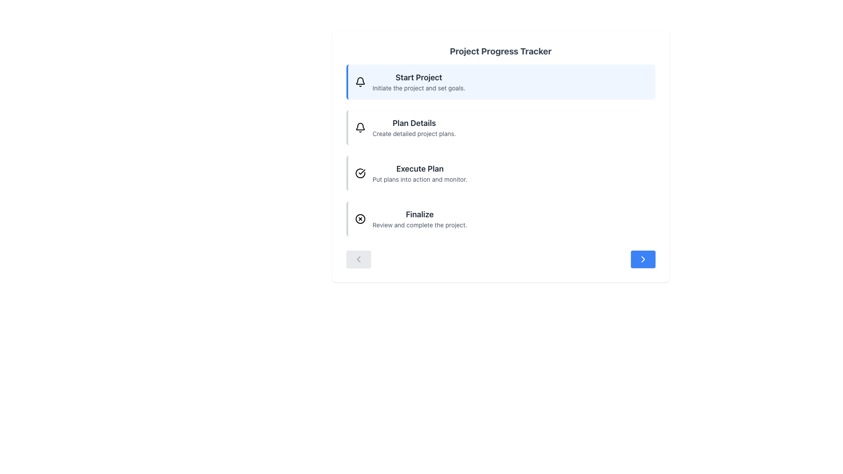 This screenshot has width=843, height=474. What do you see at coordinates (418, 82) in the screenshot?
I see `the first informational card in the 'Project Progress Tracker' section, which introduces the initiation phase of the project workflow` at bounding box center [418, 82].